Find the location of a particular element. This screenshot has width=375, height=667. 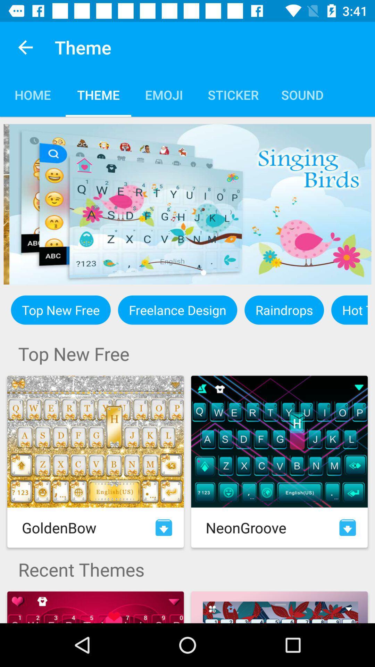

download theme is located at coordinates (348, 527).